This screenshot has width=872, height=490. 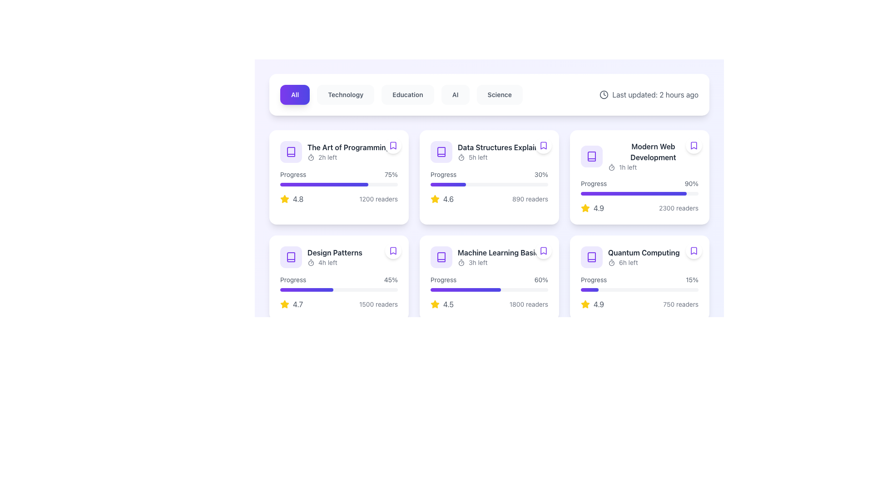 What do you see at coordinates (489, 283) in the screenshot?
I see `displayed progress percentage of the progress bar indicating 60% completion for the 'Machine Learning Basics' course` at bounding box center [489, 283].